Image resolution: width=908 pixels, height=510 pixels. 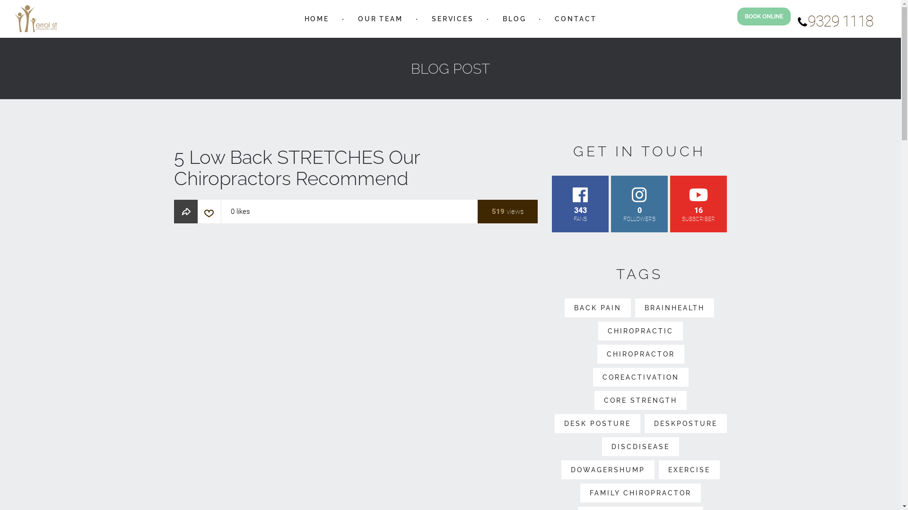 What do you see at coordinates (764, 16) in the screenshot?
I see `'BOOK ONLINE'` at bounding box center [764, 16].